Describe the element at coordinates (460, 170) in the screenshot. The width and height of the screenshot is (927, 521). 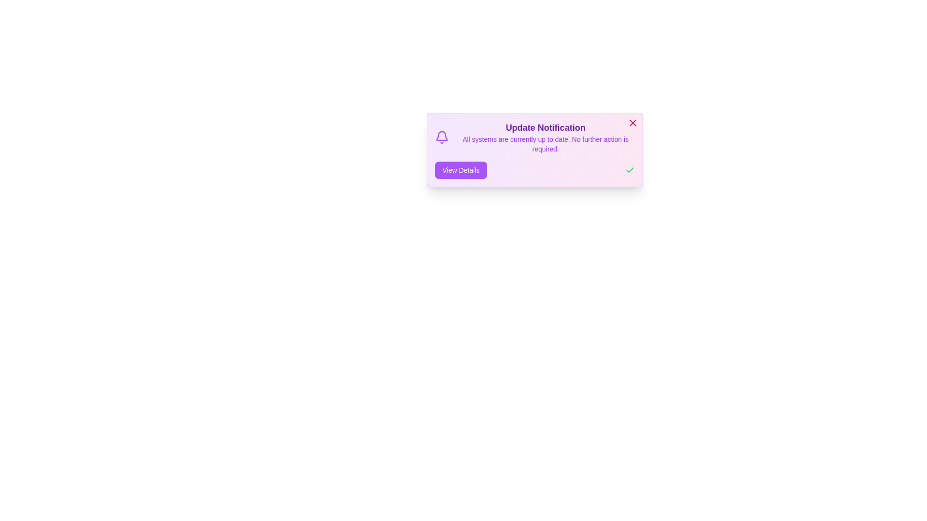
I see `the 'View Details' button to view additional details` at that location.